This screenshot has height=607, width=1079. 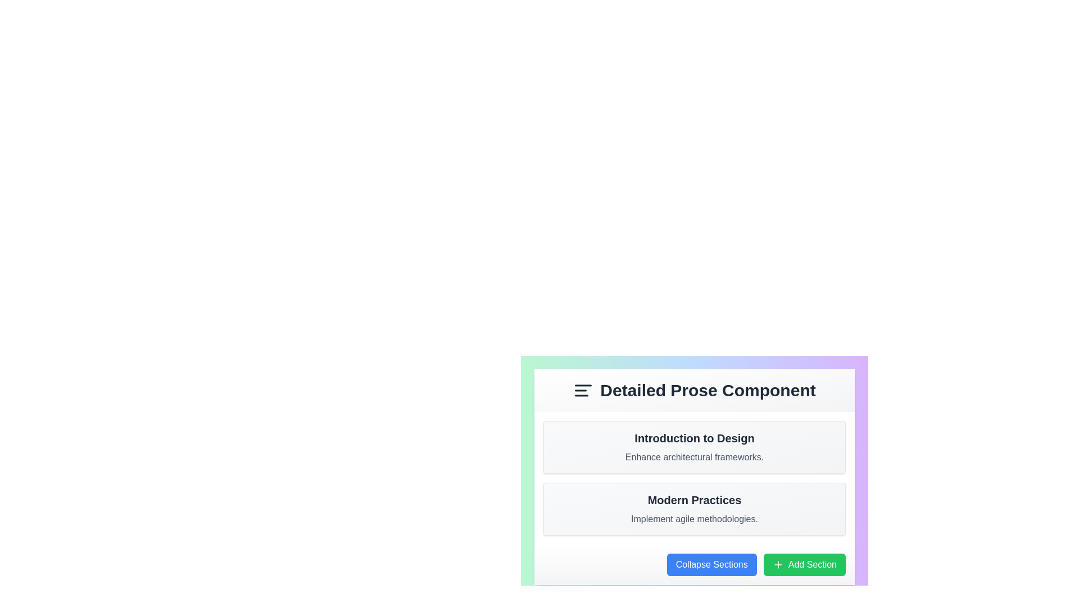 I want to click on the decorative icon on the left side of the header for the 'Detailed Prose Component' section to indicate text alignment, so click(x=583, y=389).